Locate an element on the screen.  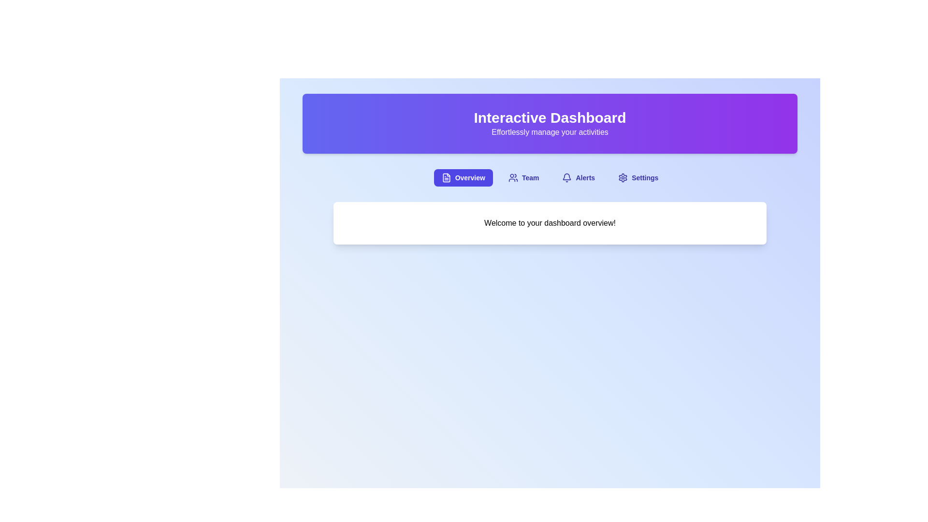
the 'Team' icon located to the left of the 'Team' text in the second position of the navigation menu bar is located at coordinates (512, 177).